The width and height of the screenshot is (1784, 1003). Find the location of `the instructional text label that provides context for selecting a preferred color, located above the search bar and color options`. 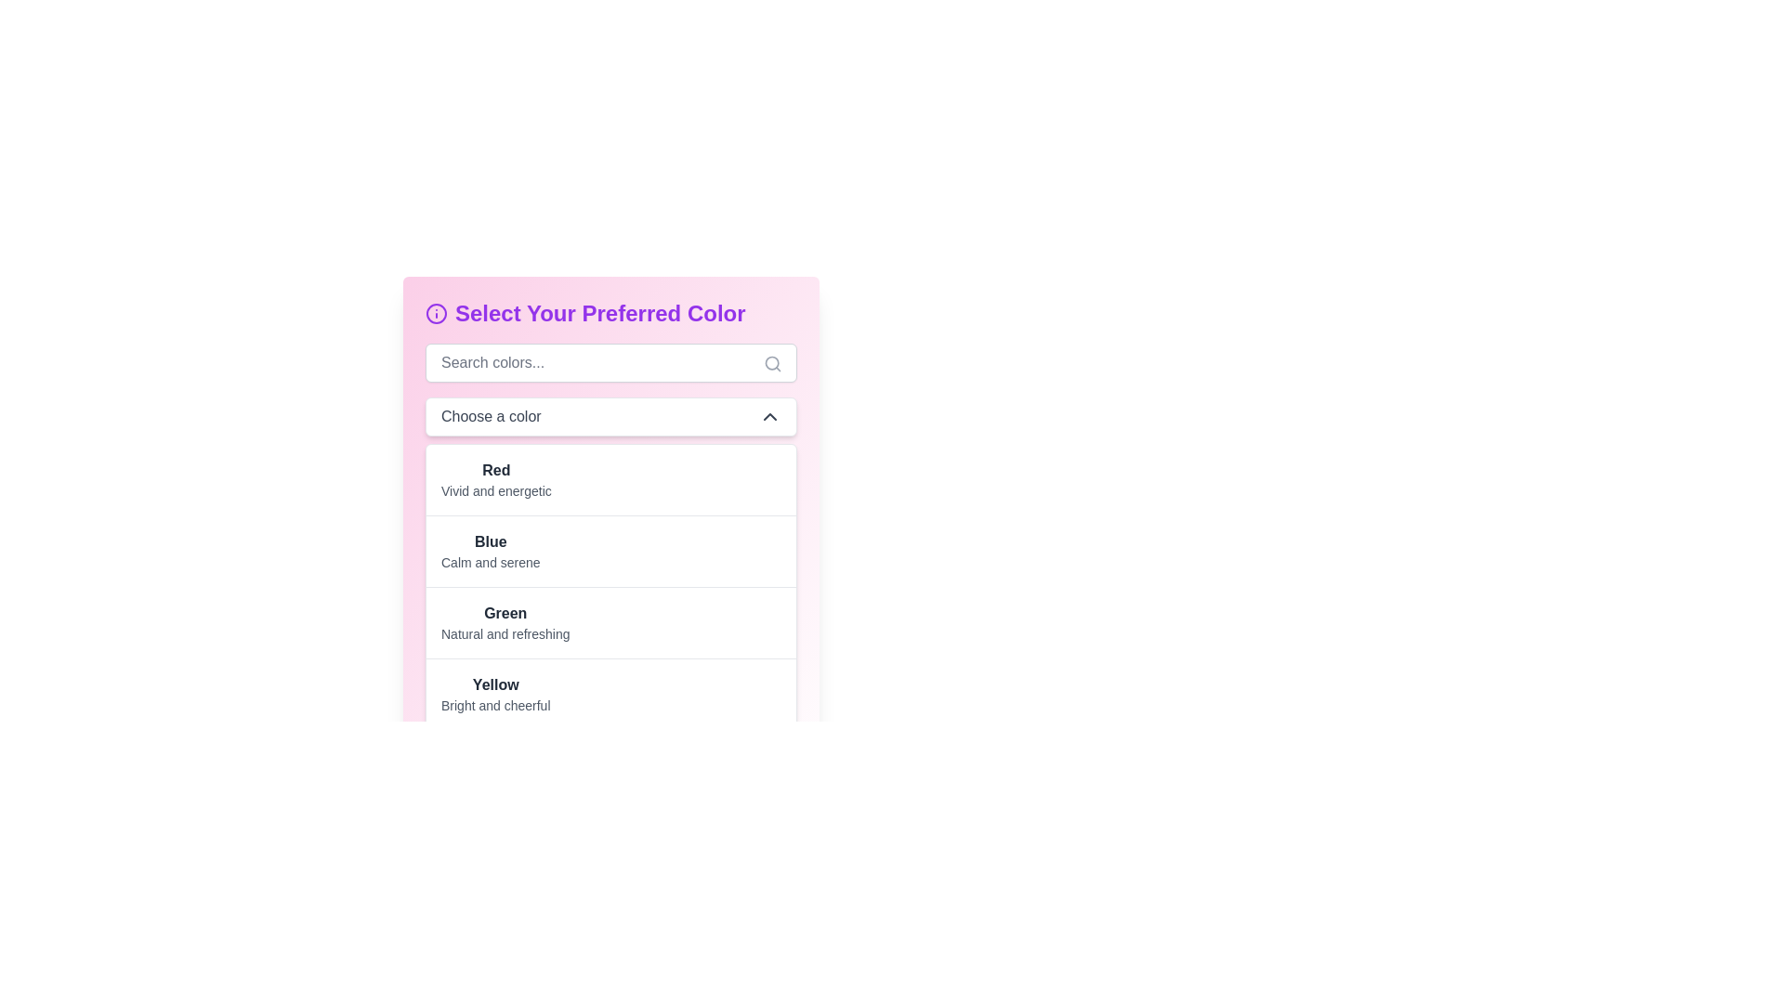

the instructional text label that provides context for selecting a preferred color, located above the search bar and color options is located at coordinates (610, 313).